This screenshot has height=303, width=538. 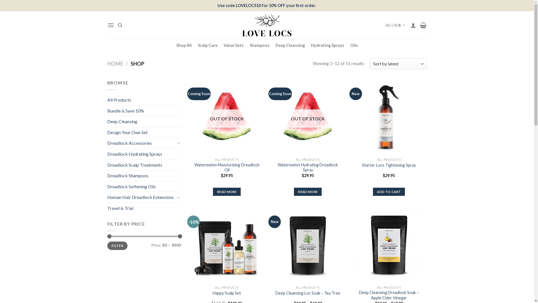 I want to click on 'Love Locs', so click(x=266, y=25).